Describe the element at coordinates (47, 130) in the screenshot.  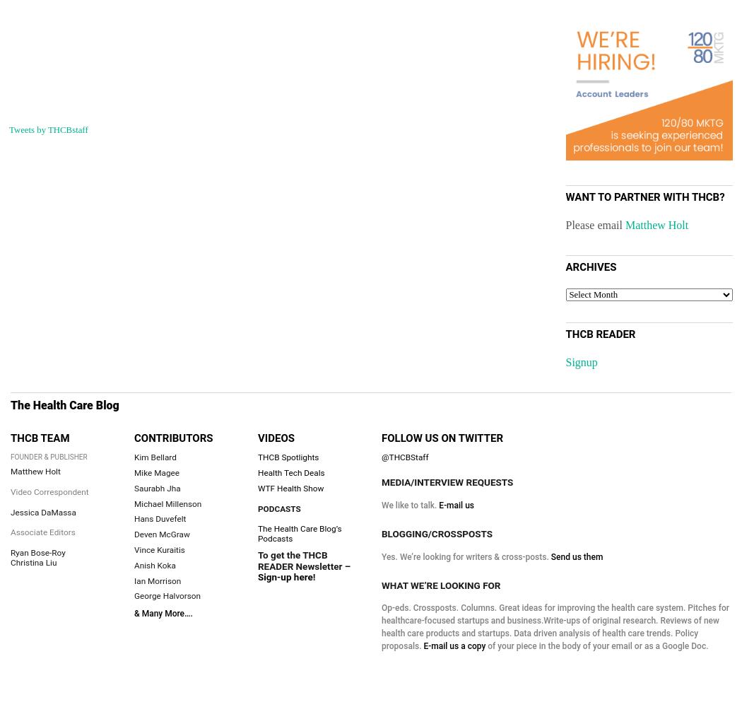
I see `'Tweets by THCBstaff'` at that location.